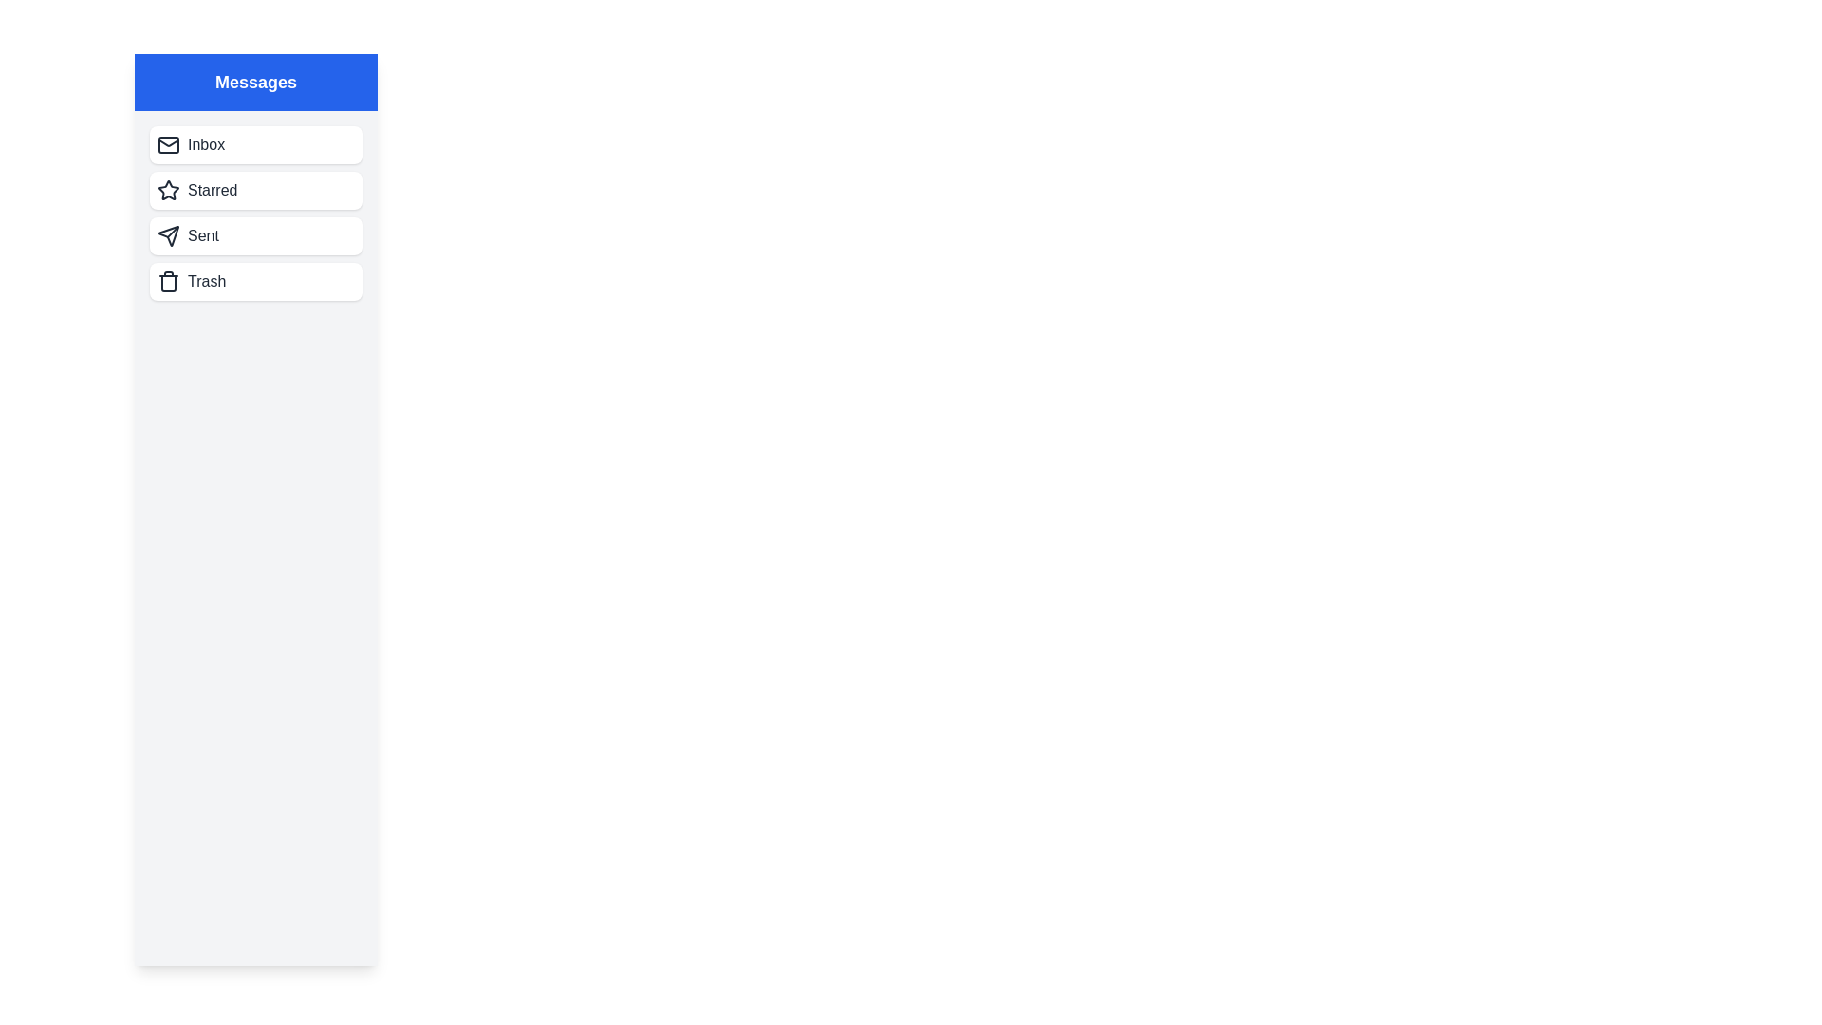  What do you see at coordinates (254, 235) in the screenshot?
I see `the sidebar item Sent` at bounding box center [254, 235].